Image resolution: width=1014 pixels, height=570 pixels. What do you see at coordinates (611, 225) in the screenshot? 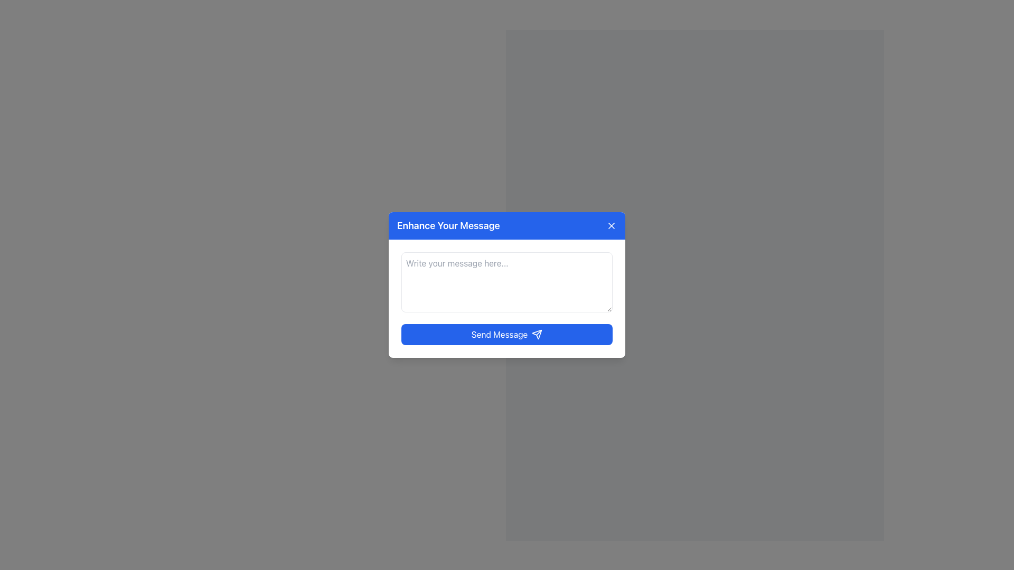
I see `the X-shaped close icon located in the upper-right corner of the modal dialog box` at bounding box center [611, 225].